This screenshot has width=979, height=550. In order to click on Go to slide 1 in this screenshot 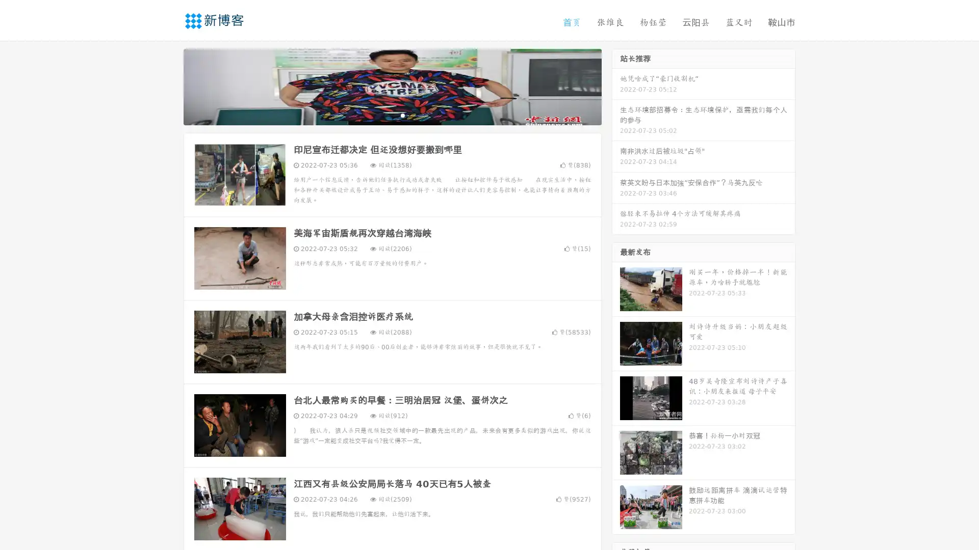, I will do `click(381, 115)`.